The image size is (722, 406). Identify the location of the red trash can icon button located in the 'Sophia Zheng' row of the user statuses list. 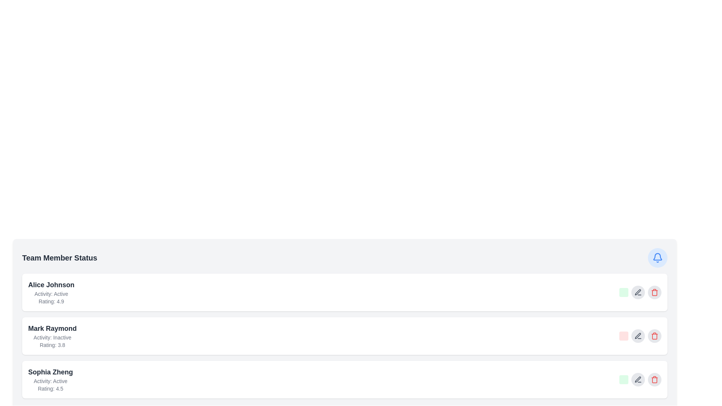
(654, 380).